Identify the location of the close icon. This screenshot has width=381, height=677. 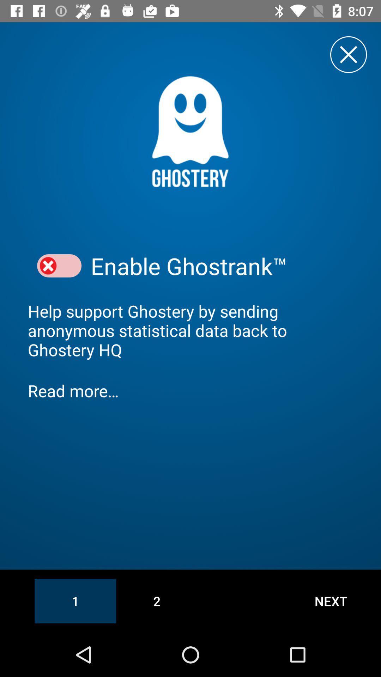
(348, 54).